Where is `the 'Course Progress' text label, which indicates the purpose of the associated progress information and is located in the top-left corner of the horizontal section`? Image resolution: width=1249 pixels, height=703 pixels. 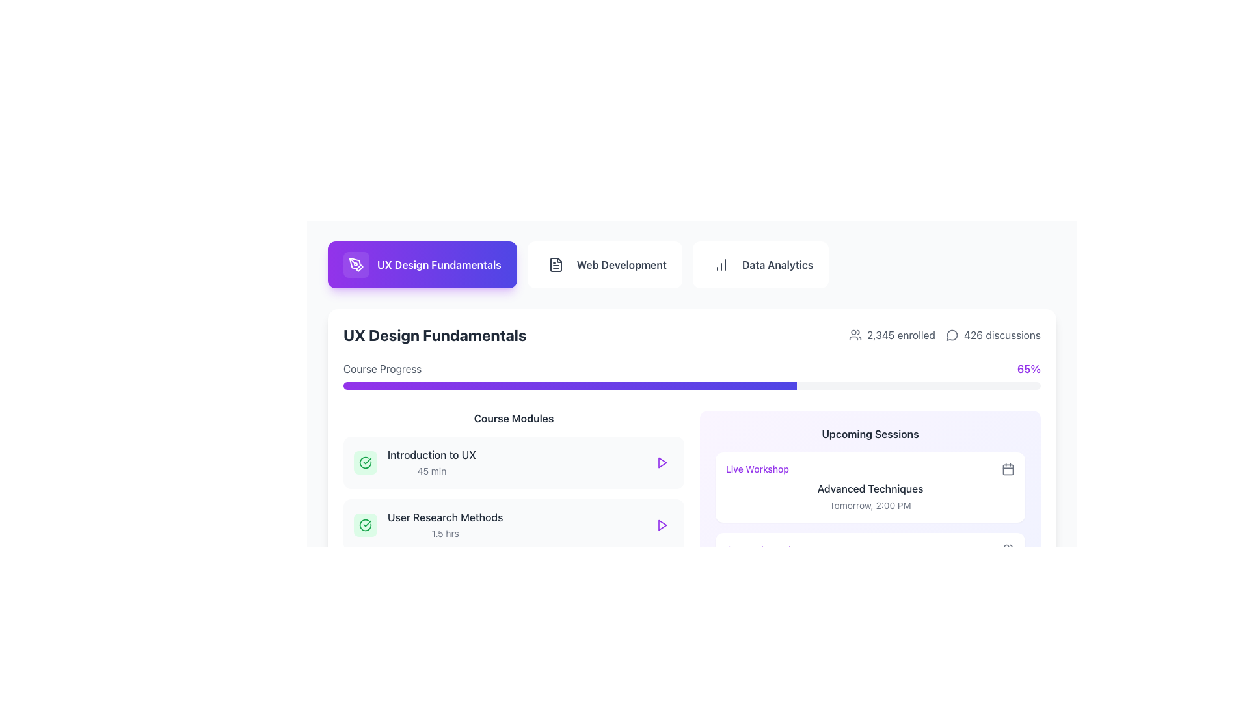 the 'Course Progress' text label, which indicates the purpose of the associated progress information and is located in the top-left corner of the horizontal section is located at coordinates (382, 369).